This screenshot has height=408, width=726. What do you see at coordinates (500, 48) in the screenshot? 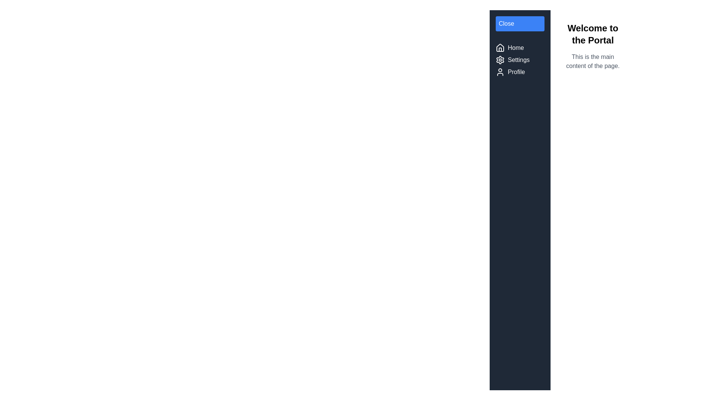
I see `the 'Home' icon in the vertical navigation menu` at bounding box center [500, 48].